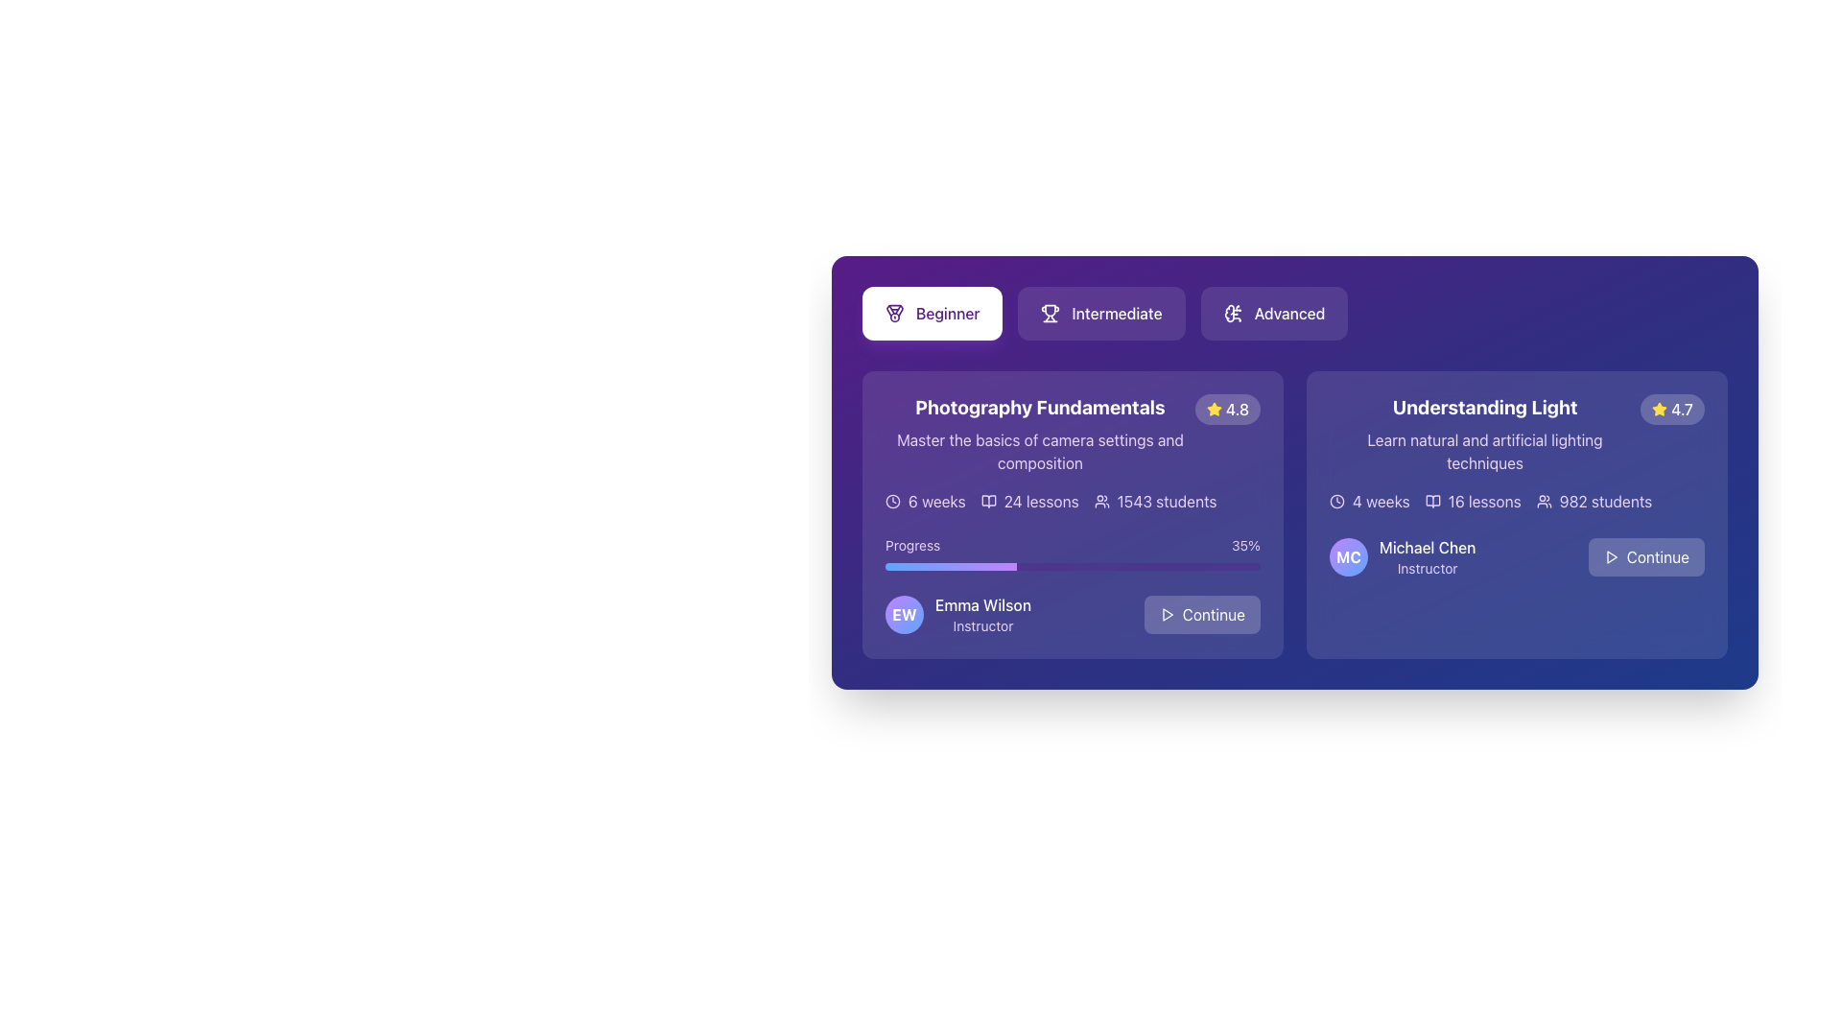 The height and width of the screenshot is (1036, 1842). What do you see at coordinates (1428, 547) in the screenshot?
I see `the static text label displaying the instructor's name for the course 'Understanding Light', which is positioned under the course details and aligns with the circular avatar to its left` at bounding box center [1428, 547].